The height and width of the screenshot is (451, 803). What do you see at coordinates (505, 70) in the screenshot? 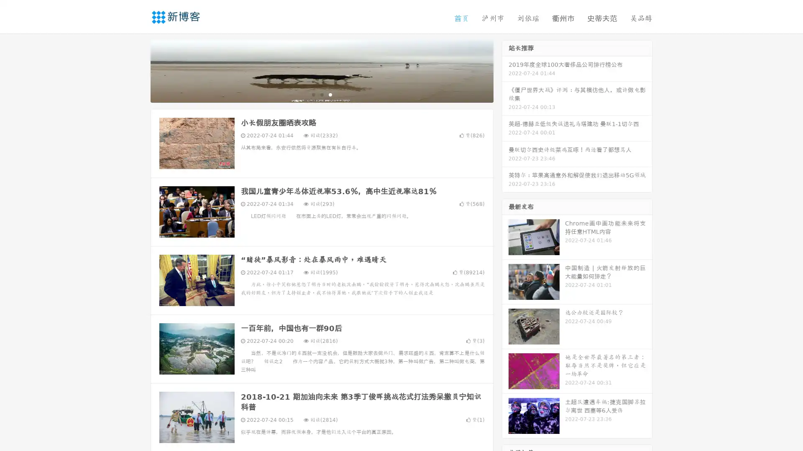
I see `Next slide` at bounding box center [505, 70].